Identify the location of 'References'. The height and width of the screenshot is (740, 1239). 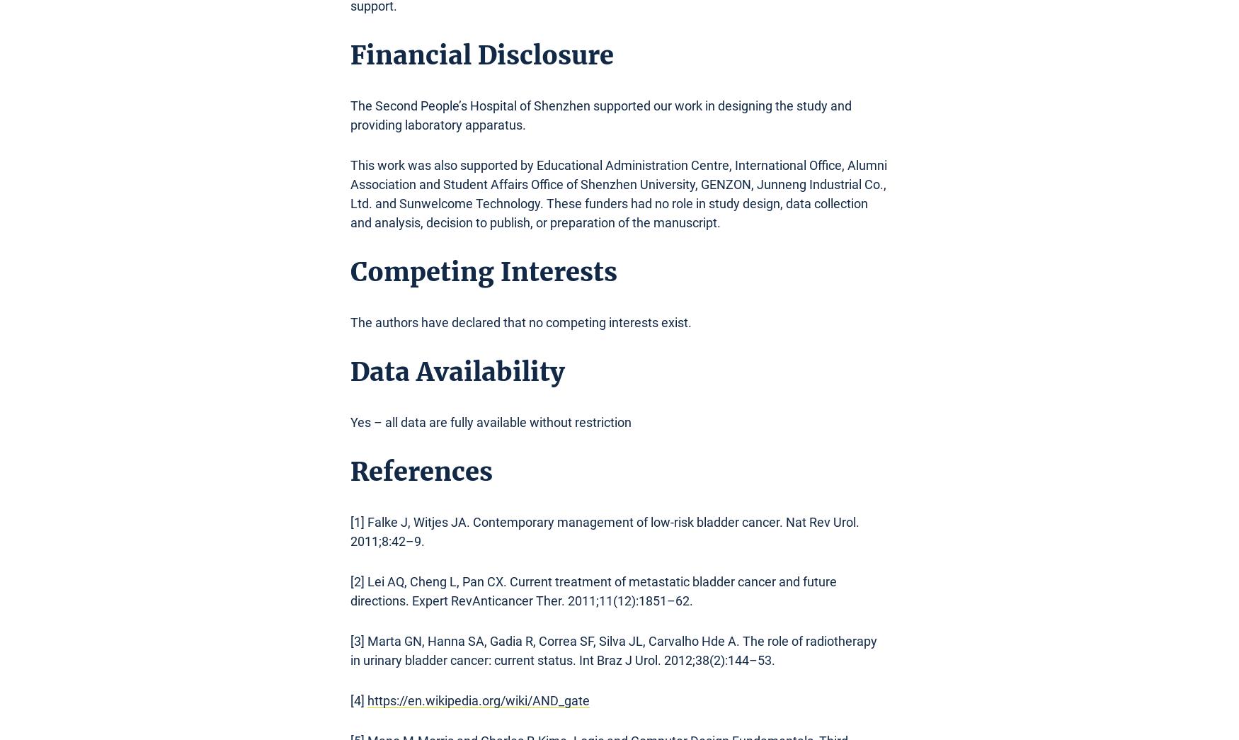
(350, 472).